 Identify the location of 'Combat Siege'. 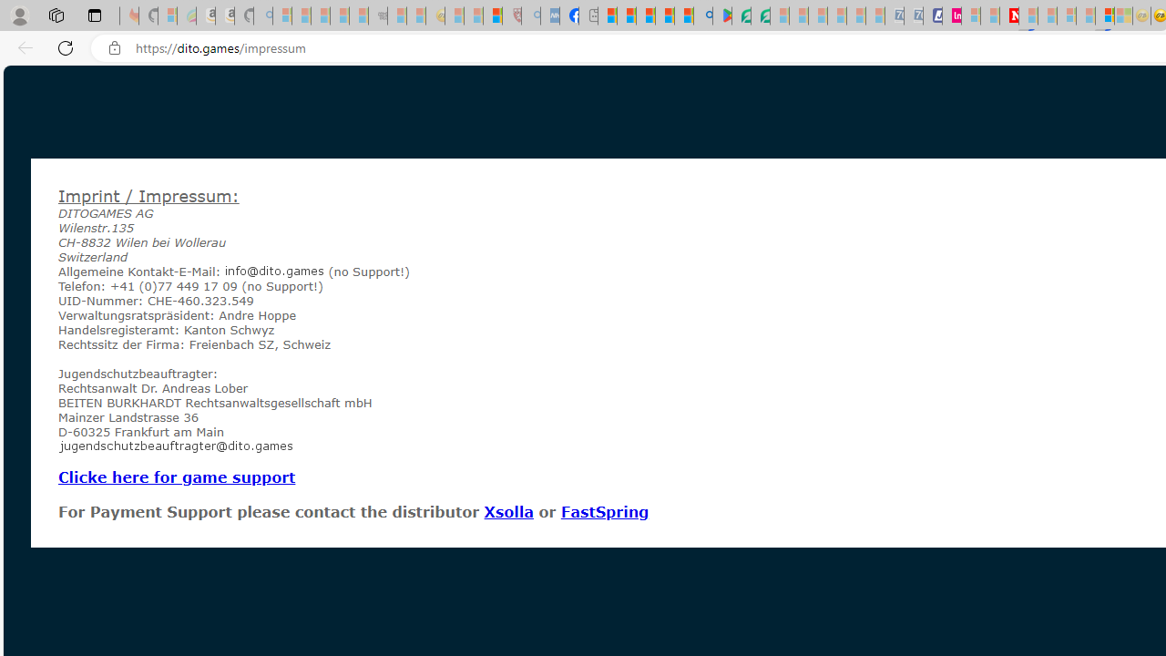
(376, 15).